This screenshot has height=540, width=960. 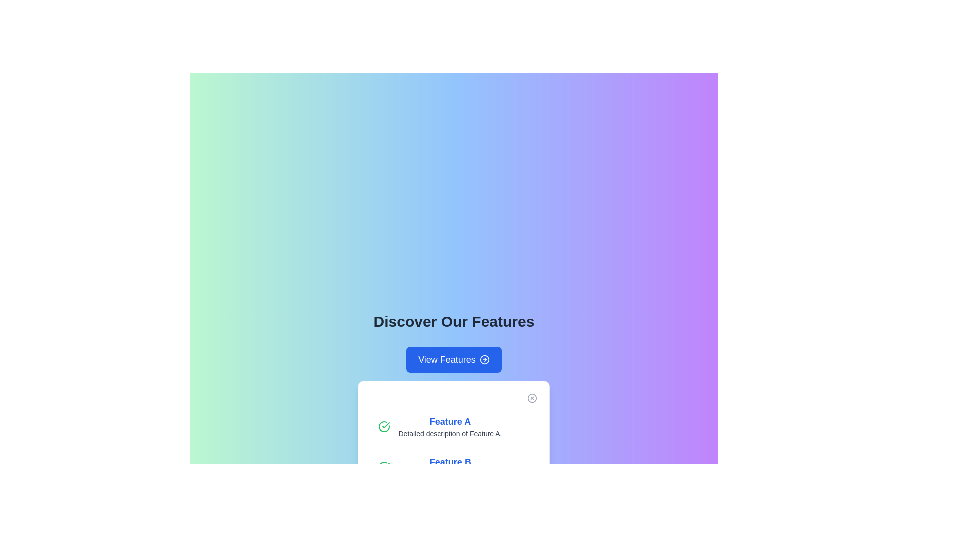 I want to click on the decorative SVG circle element that is part of a graphical icon in the top-right corner of a card, which represents a dismiss action, so click(x=532, y=398).